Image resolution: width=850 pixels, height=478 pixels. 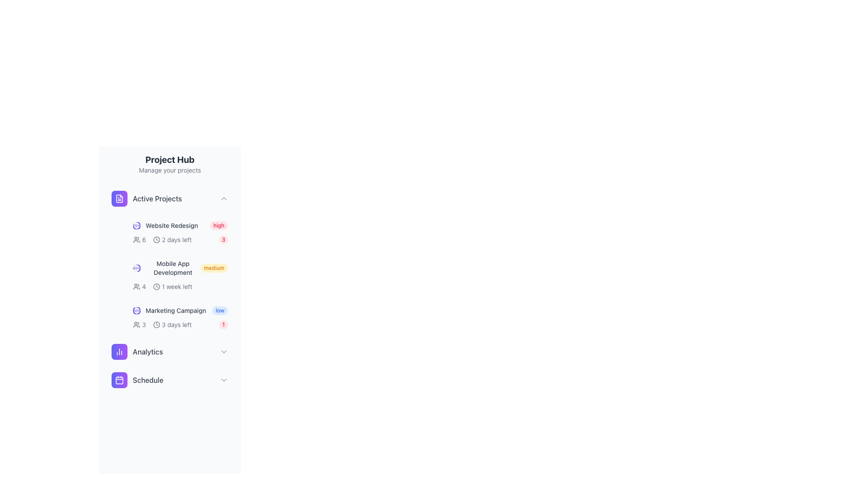 What do you see at coordinates (180, 287) in the screenshot?
I see `text from the informational label indicating the remaining time for the 'Mobile App Development' project, which is located below the clock-shaped icon and to the right of the '4' text` at bounding box center [180, 287].